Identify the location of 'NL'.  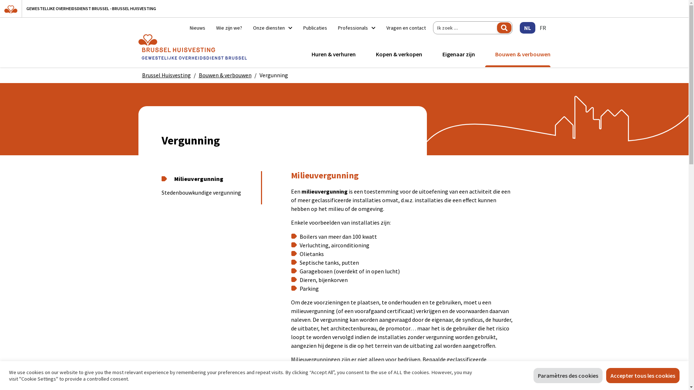
(527, 27).